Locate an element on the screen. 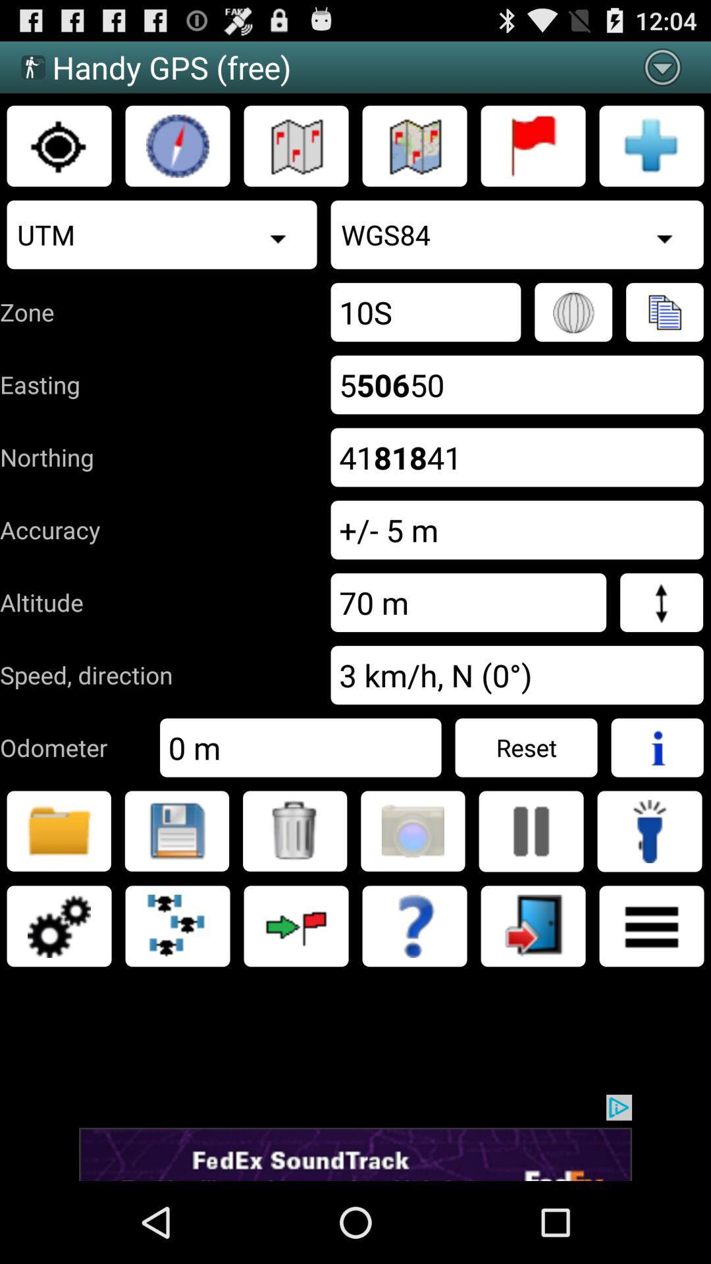 This screenshot has width=711, height=1264. the settings icon is located at coordinates (58, 991).